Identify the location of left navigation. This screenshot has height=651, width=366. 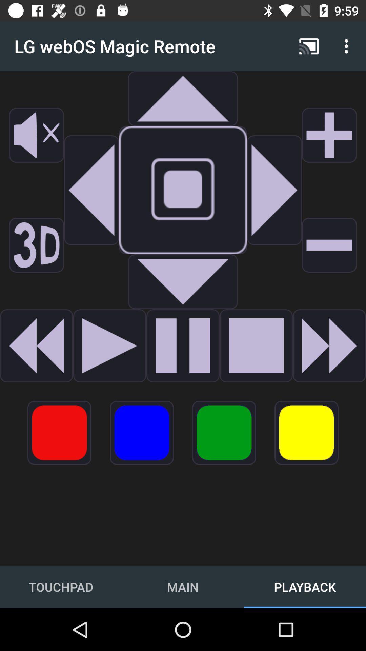
(91, 190).